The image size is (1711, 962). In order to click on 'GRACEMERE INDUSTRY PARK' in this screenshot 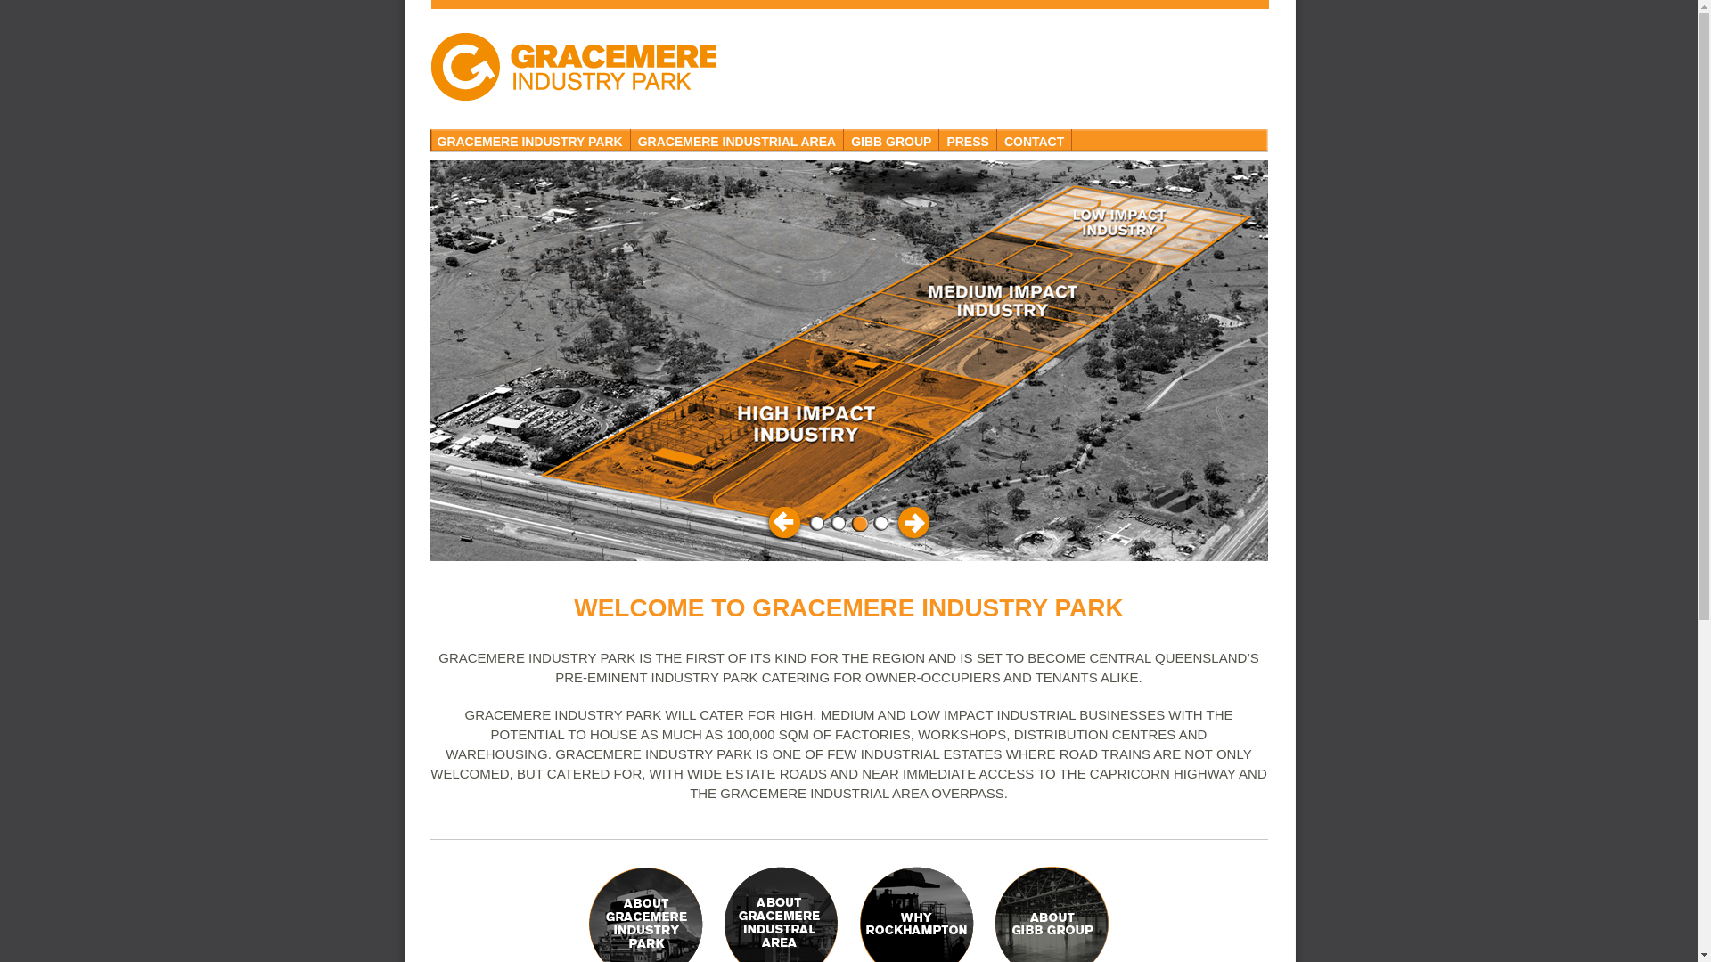, I will do `click(528, 139)`.